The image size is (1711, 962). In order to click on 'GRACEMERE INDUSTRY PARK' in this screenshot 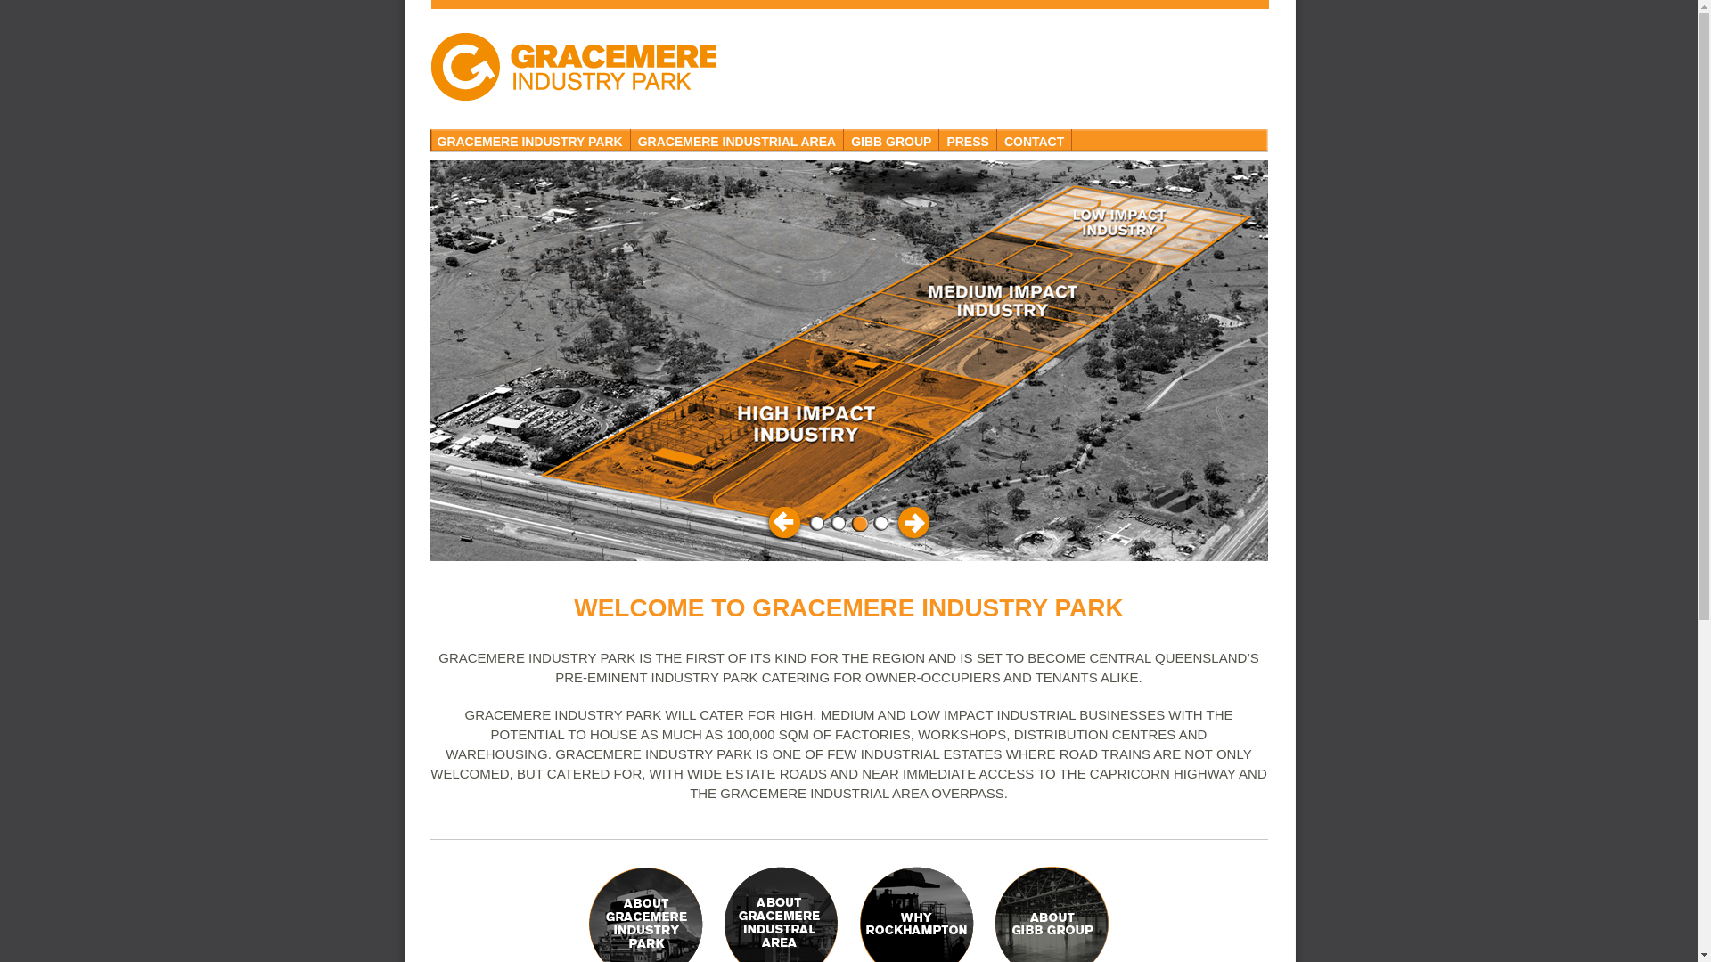, I will do `click(528, 139)`.